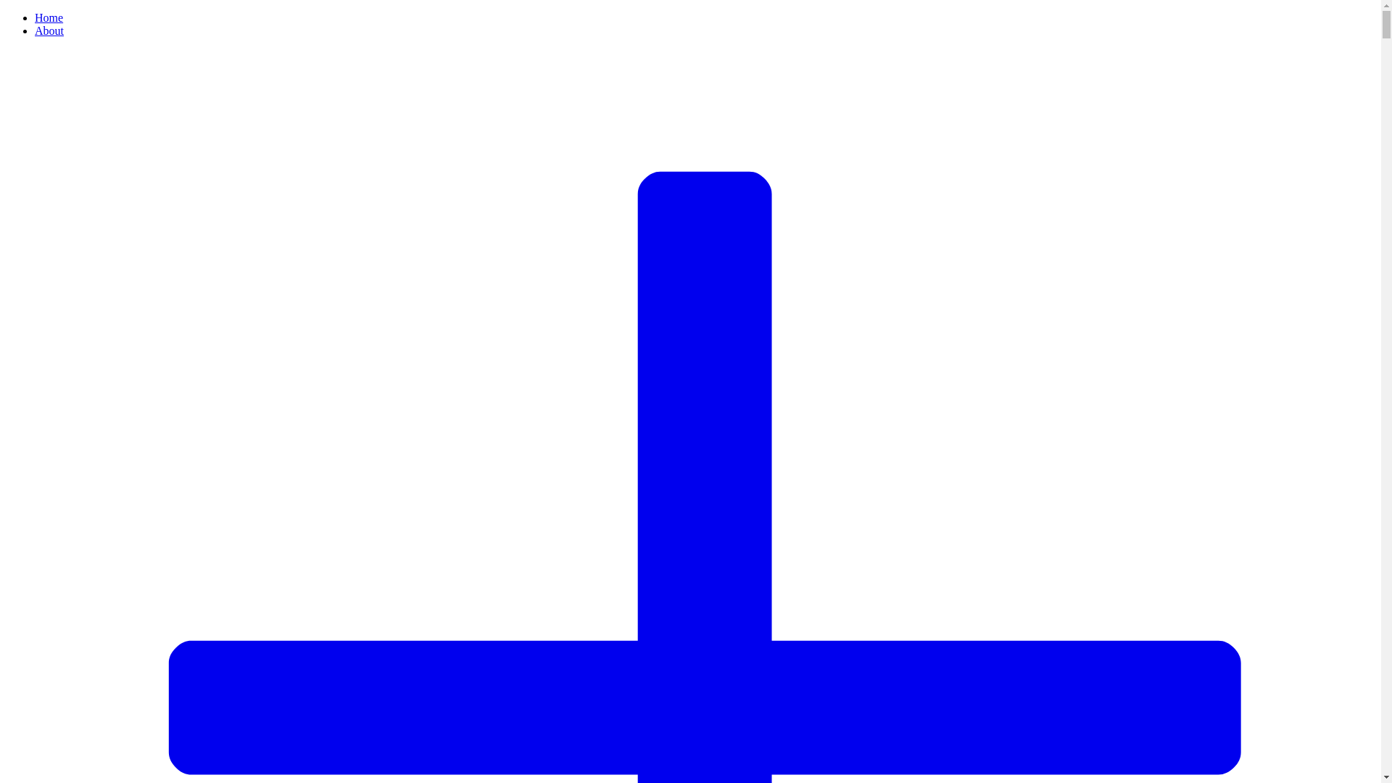 Image resolution: width=1392 pixels, height=783 pixels. What do you see at coordinates (49, 17) in the screenshot?
I see `'Home'` at bounding box center [49, 17].